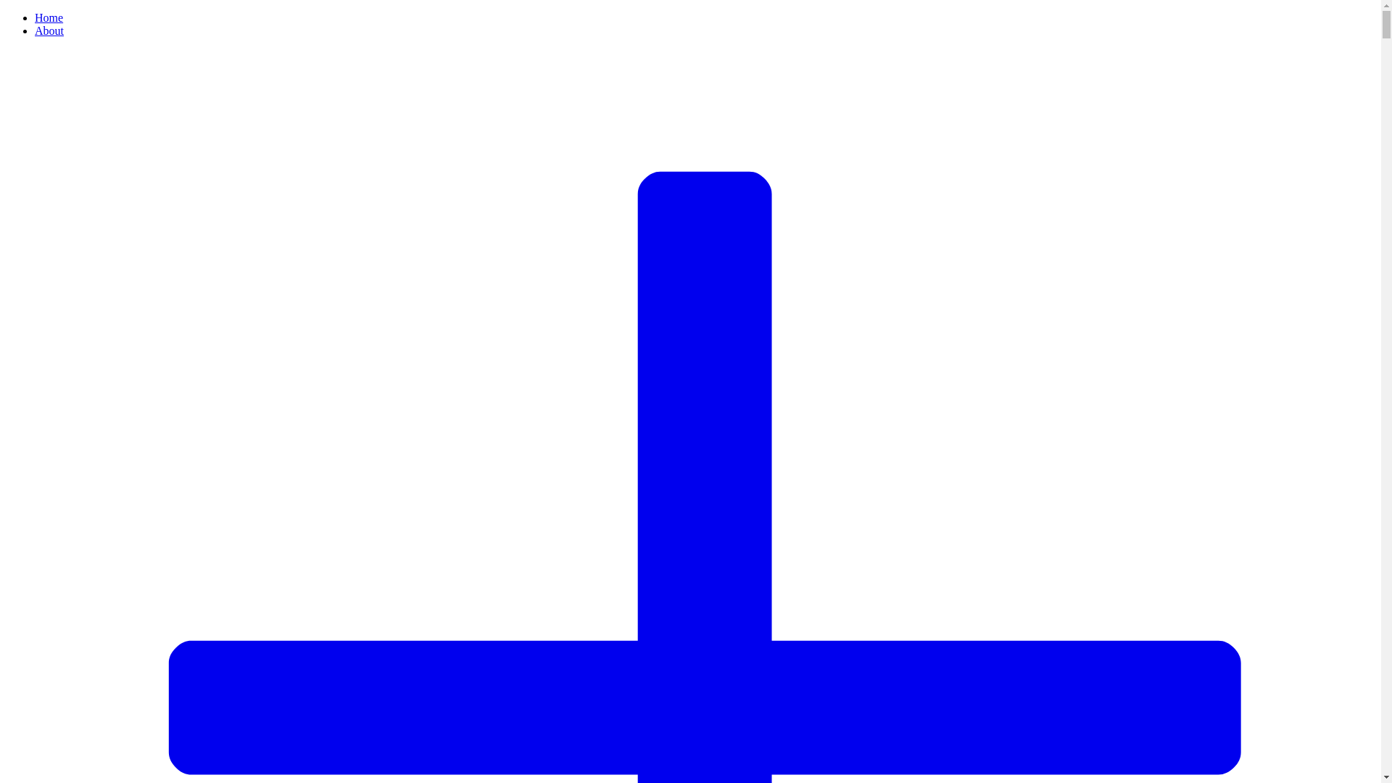 Image resolution: width=1392 pixels, height=783 pixels. What do you see at coordinates (49, 17) in the screenshot?
I see `'Home'` at bounding box center [49, 17].